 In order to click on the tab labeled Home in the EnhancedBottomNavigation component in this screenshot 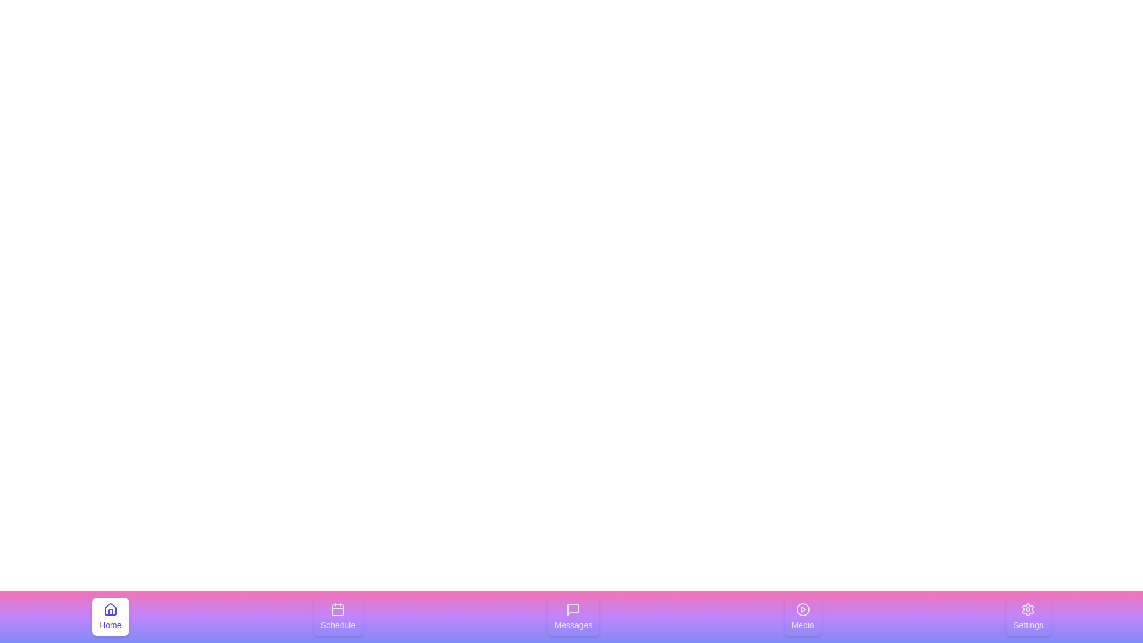, I will do `click(110, 616)`.